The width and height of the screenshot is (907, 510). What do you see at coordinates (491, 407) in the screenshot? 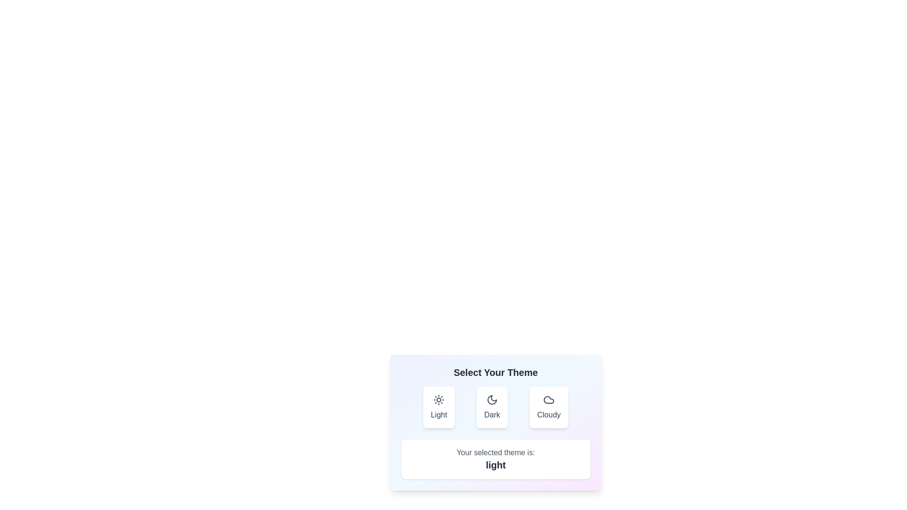
I see `the 'Dark' theme button` at bounding box center [491, 407].